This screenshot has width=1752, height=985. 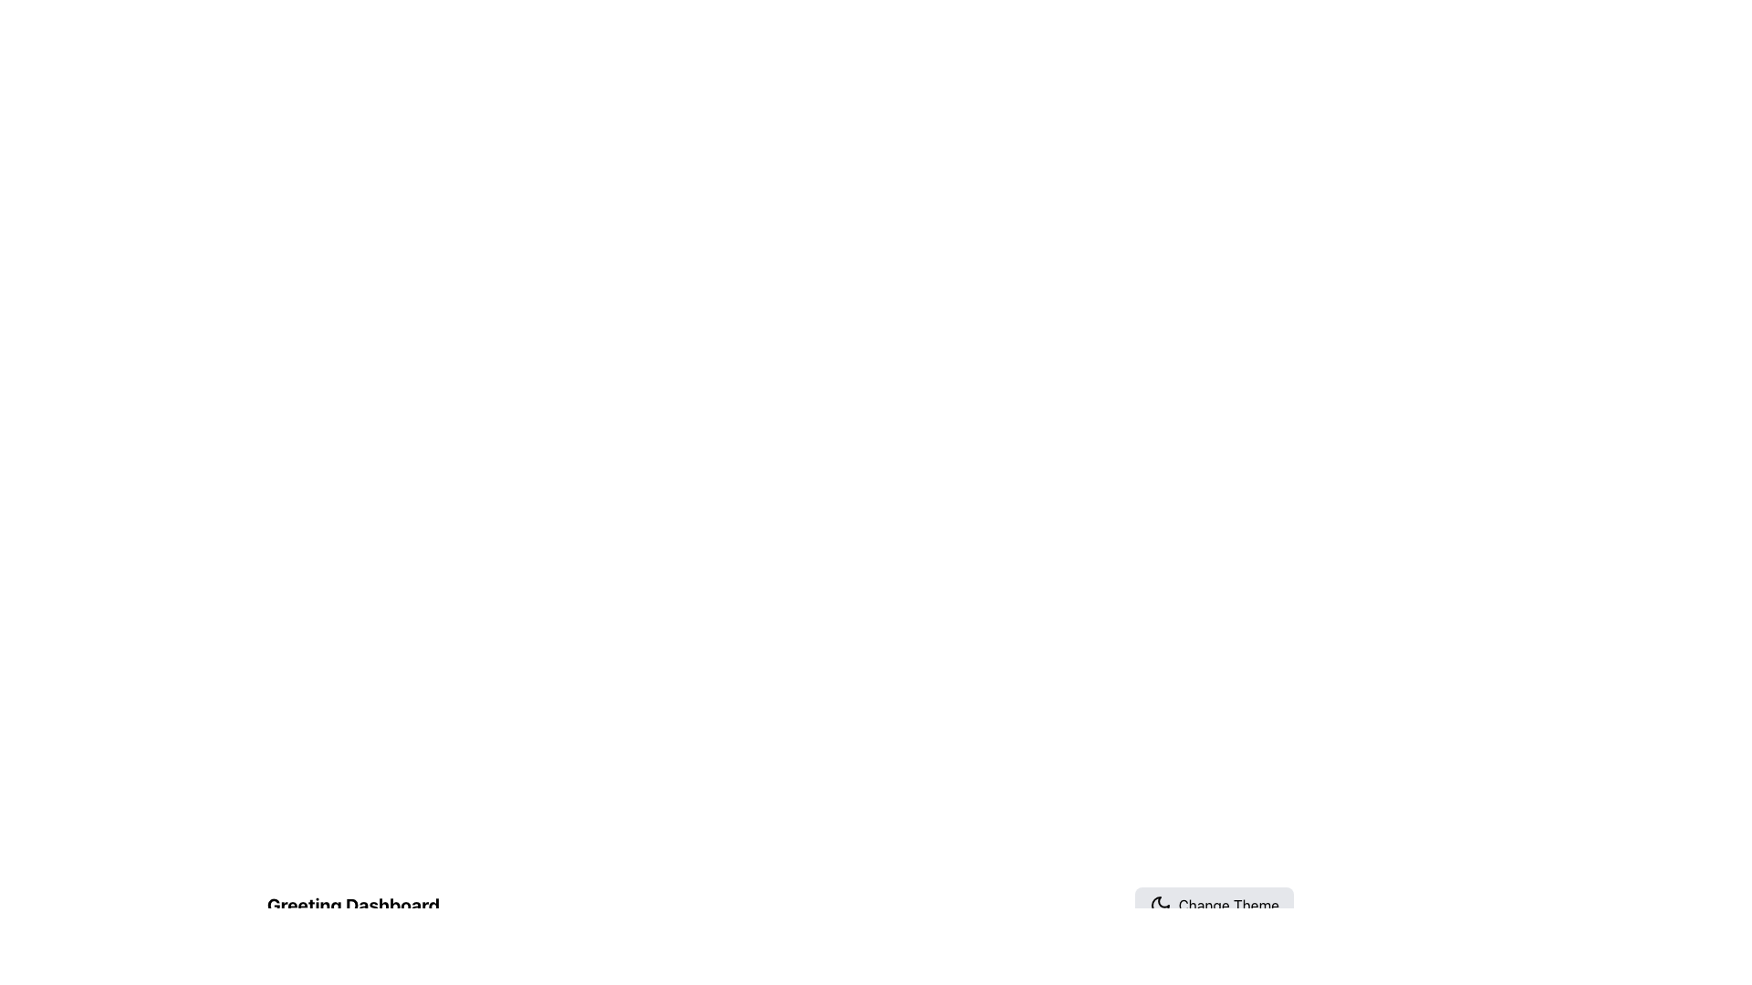 What do you see at coordinates (1159, 905) in the screenshot?
I see `the 'moon' icon associated with the 'Change Theme' button` at bounding box center [1159, 905].